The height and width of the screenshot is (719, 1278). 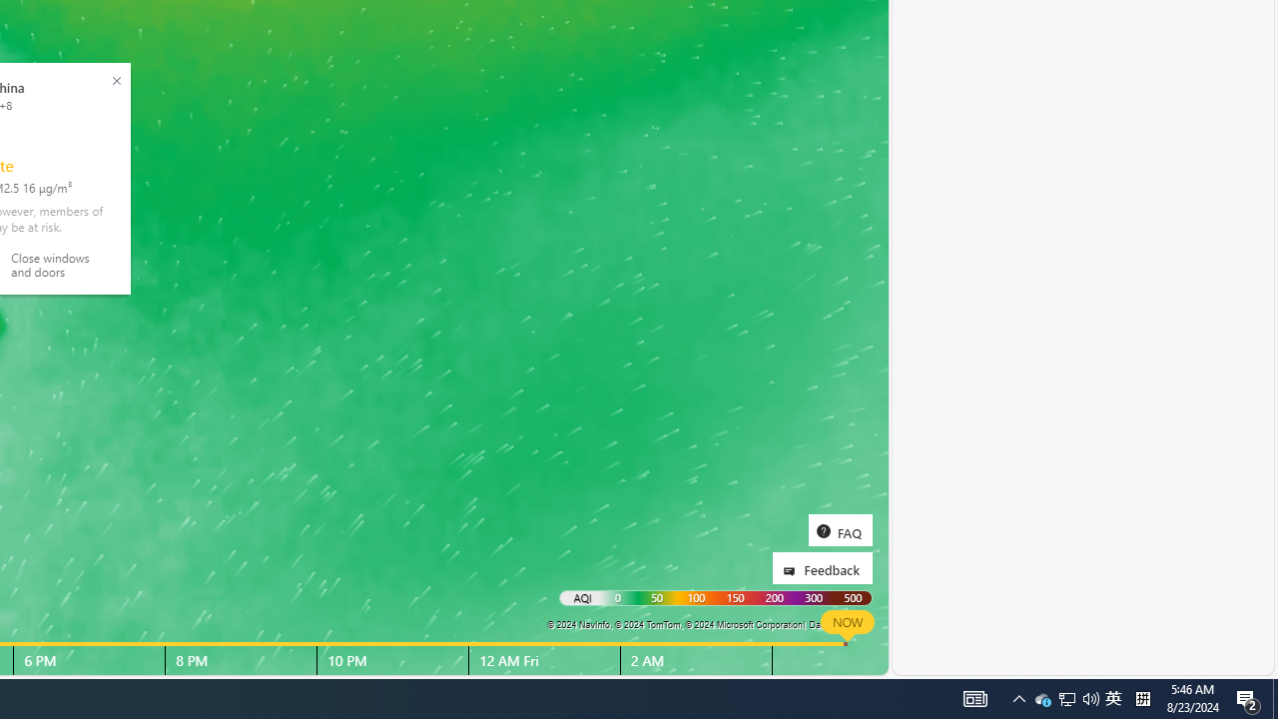 What do you see at coordinates (839, 623) in the screenshot?
I see `'Data Providers'` at bounding box center [839, 623].